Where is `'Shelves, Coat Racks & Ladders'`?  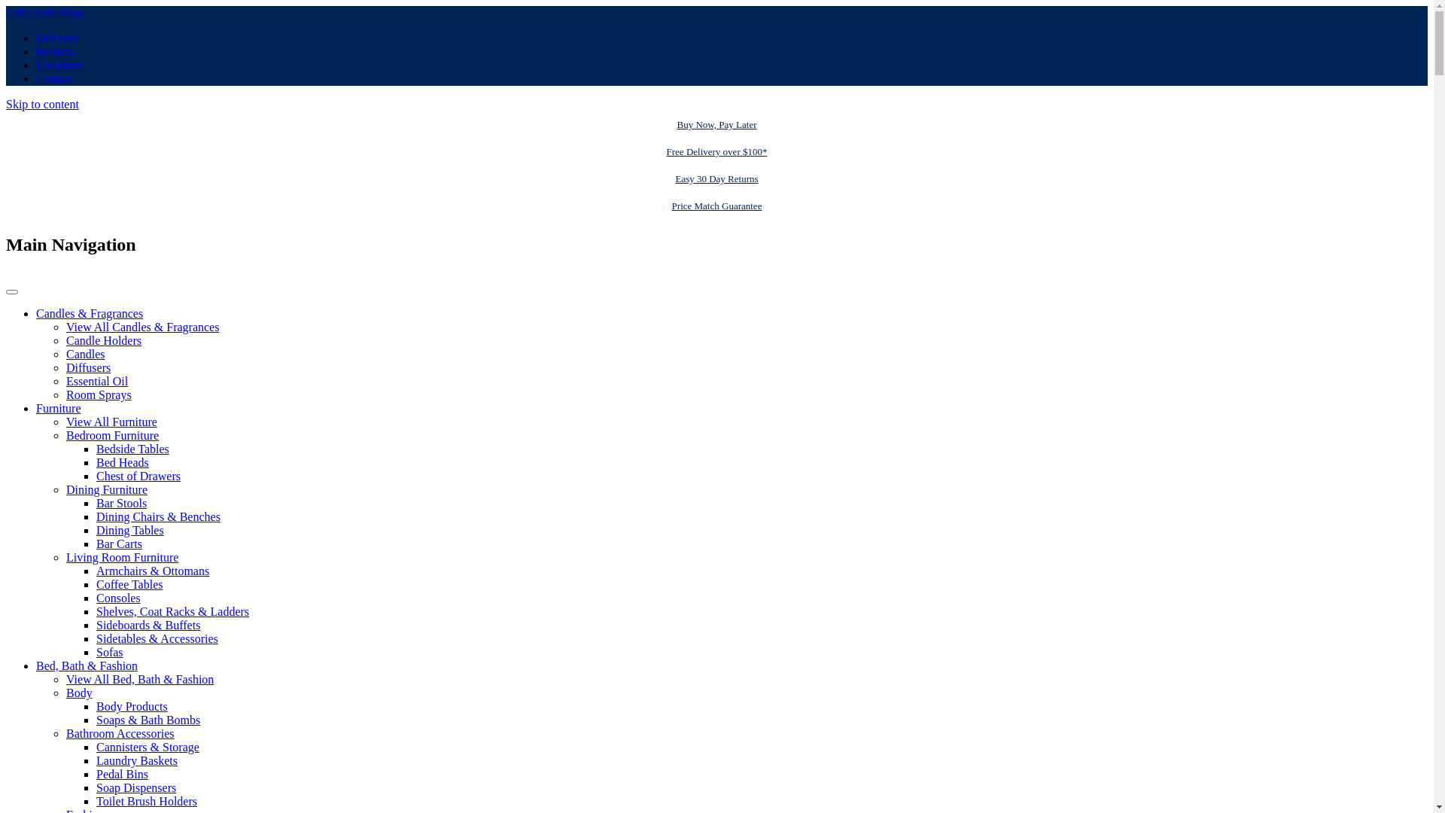
'Shelves, Coat Racks & Ladders' is located at coordinates (172, 611).